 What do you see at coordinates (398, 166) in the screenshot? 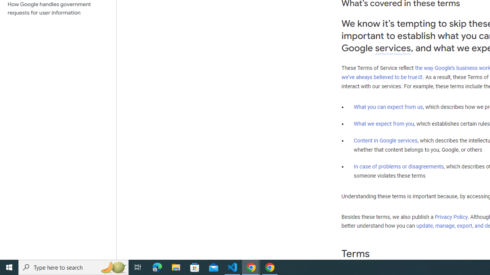
I see `'In case of problems or disagreements'` at bounding box center [398, 166].